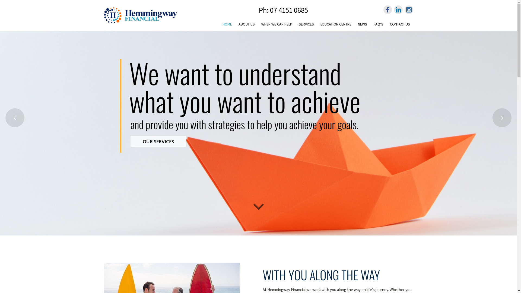  What do you see at coordinates (387, 9) in the screenshot?
I see `'Visit us on Facebook'` at bounding box center [387, 9].